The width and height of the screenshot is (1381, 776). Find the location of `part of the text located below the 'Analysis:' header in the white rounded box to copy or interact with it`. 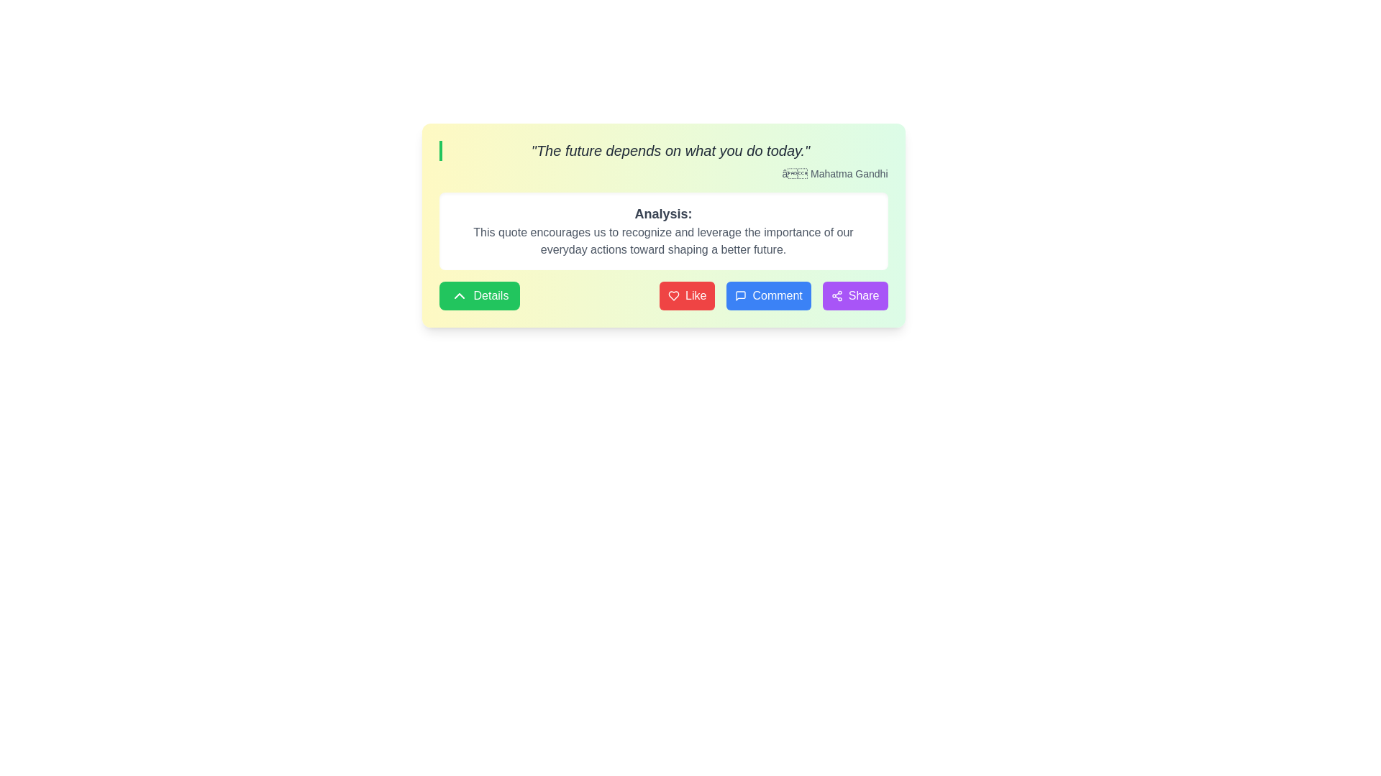

part of the text located below the 'Analysis:' header in the white rounded box to copy or interact with it is located at coordinates (662, 240).